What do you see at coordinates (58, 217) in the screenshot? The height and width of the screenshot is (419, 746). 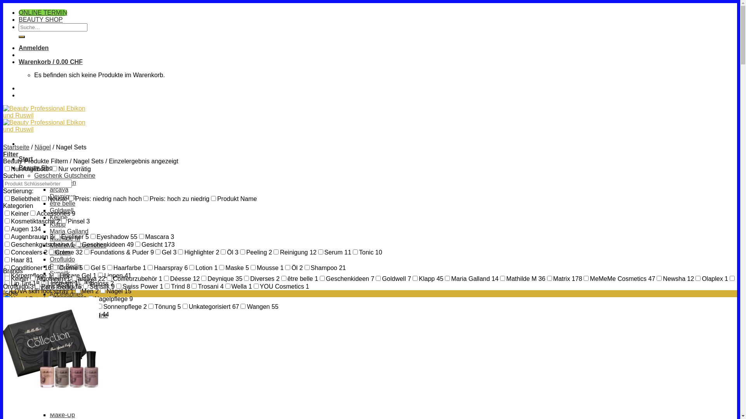 I see `'Keune'` at bounding box center [58, 217].